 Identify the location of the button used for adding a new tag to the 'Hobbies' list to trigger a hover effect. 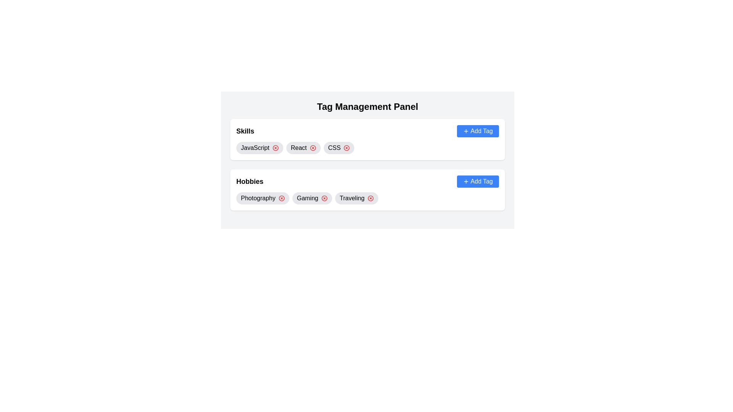
(477, 181).